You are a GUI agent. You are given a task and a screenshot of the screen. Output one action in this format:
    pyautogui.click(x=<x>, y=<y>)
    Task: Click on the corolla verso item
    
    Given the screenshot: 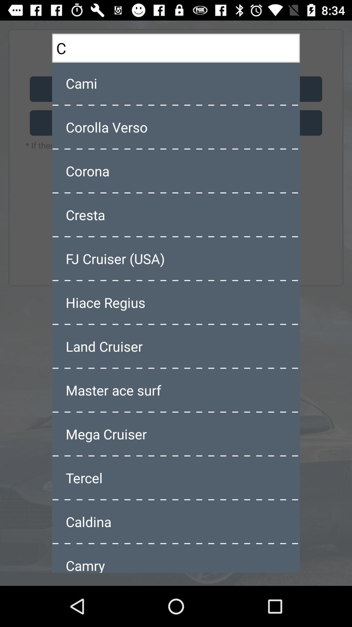 What is the action you would take?
    pyautogui.click(x=176, y=127)
    